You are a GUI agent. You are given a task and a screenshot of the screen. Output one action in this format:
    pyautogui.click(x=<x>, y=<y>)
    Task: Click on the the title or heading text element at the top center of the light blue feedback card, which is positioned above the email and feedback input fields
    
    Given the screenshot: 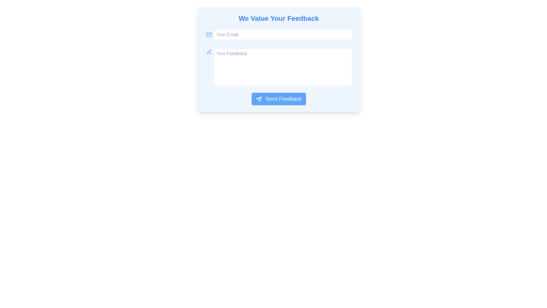 What is the action you would take?
    pyautogui.click(x=279, y=18)
    